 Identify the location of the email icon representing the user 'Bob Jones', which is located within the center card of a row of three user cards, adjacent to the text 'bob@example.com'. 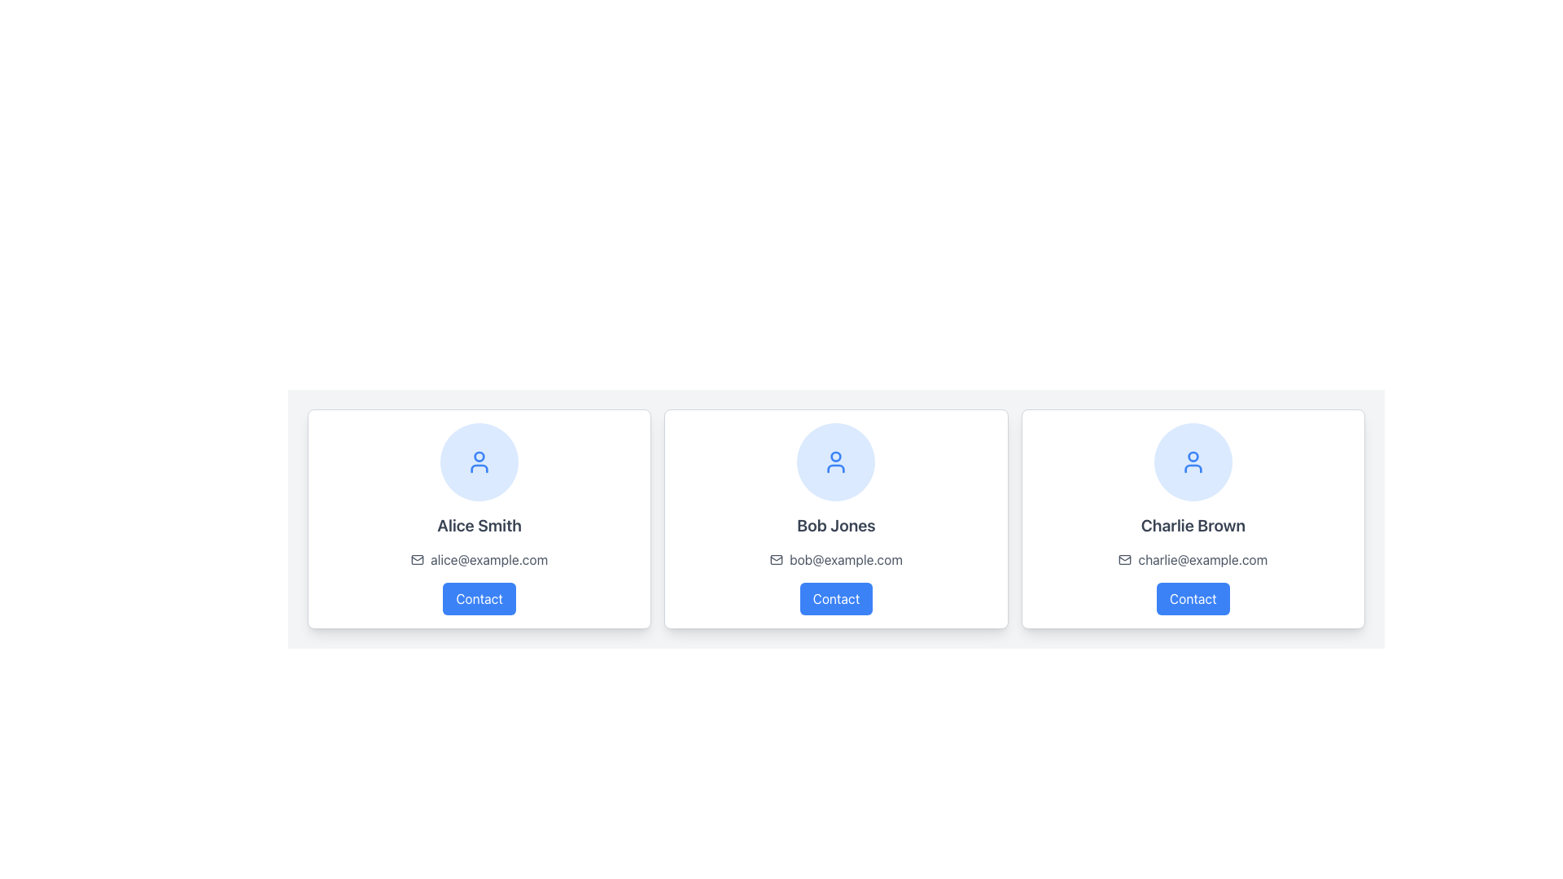
(776, 558).